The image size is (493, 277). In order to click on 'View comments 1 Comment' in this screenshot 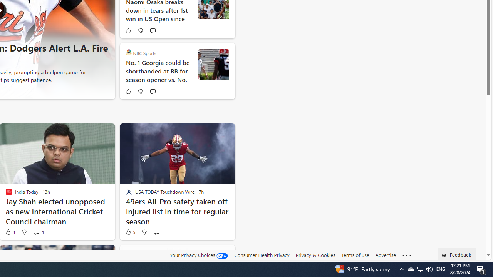, I will do `click(38, 231)`.